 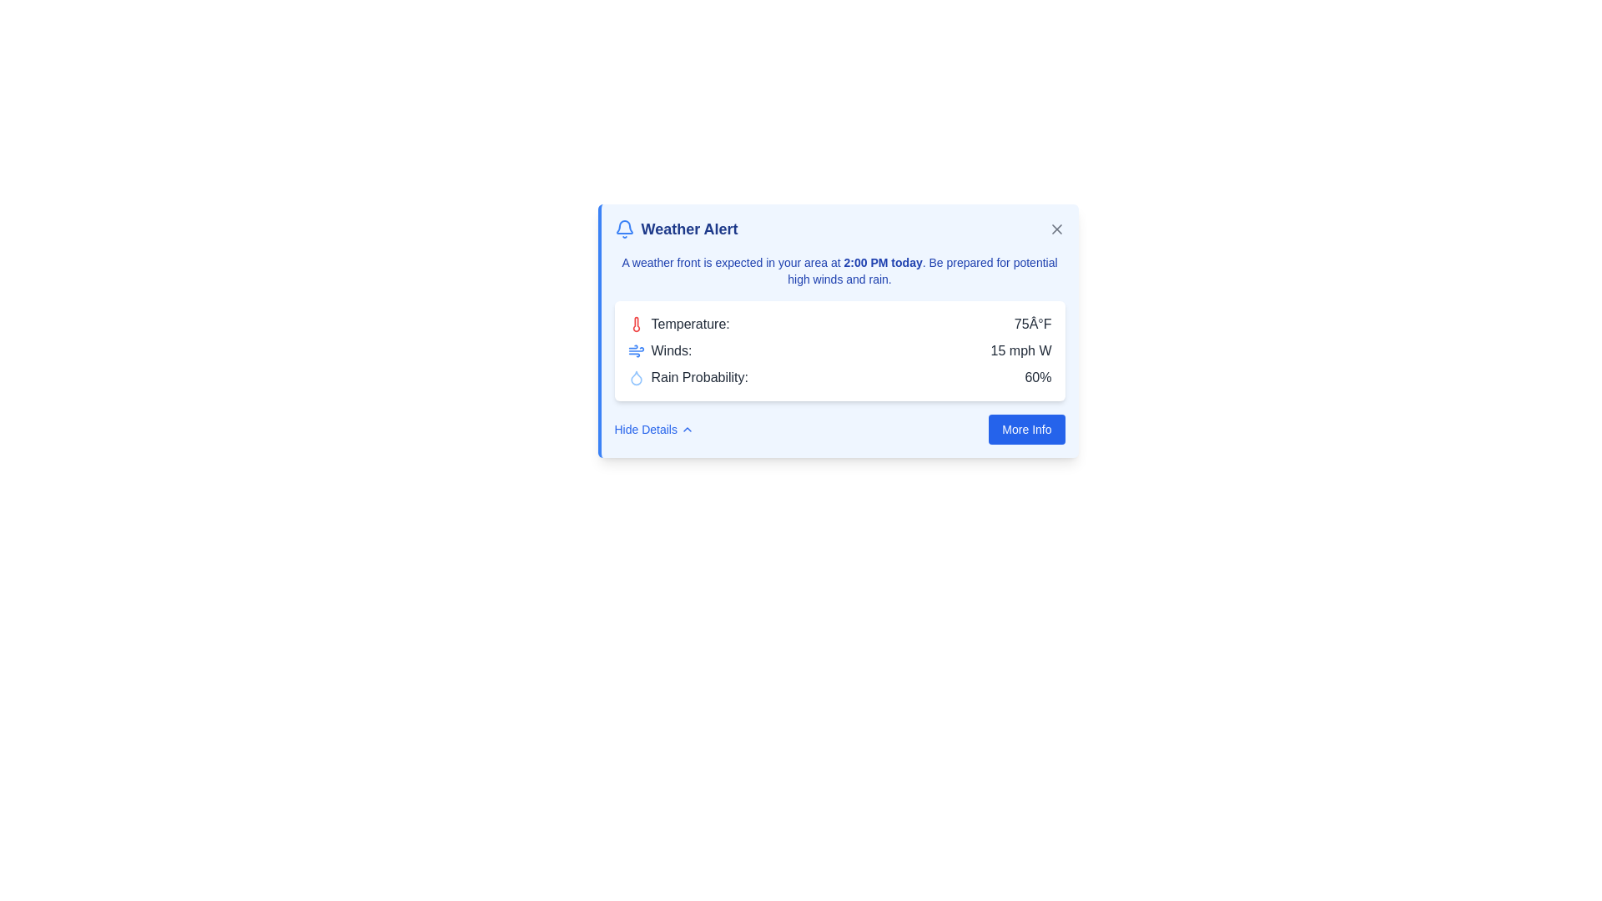 I want to click on the text content that informs the user about an upcoming weather alert, which is positioned centrally beneath the heading 'Weather Alert', so click(x=839, y=269).